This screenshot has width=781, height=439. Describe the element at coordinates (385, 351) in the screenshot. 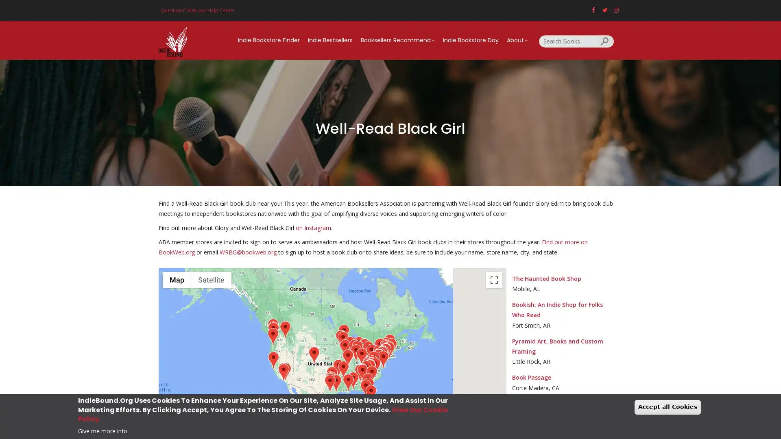

I see `WORD Jersey City` at that location.